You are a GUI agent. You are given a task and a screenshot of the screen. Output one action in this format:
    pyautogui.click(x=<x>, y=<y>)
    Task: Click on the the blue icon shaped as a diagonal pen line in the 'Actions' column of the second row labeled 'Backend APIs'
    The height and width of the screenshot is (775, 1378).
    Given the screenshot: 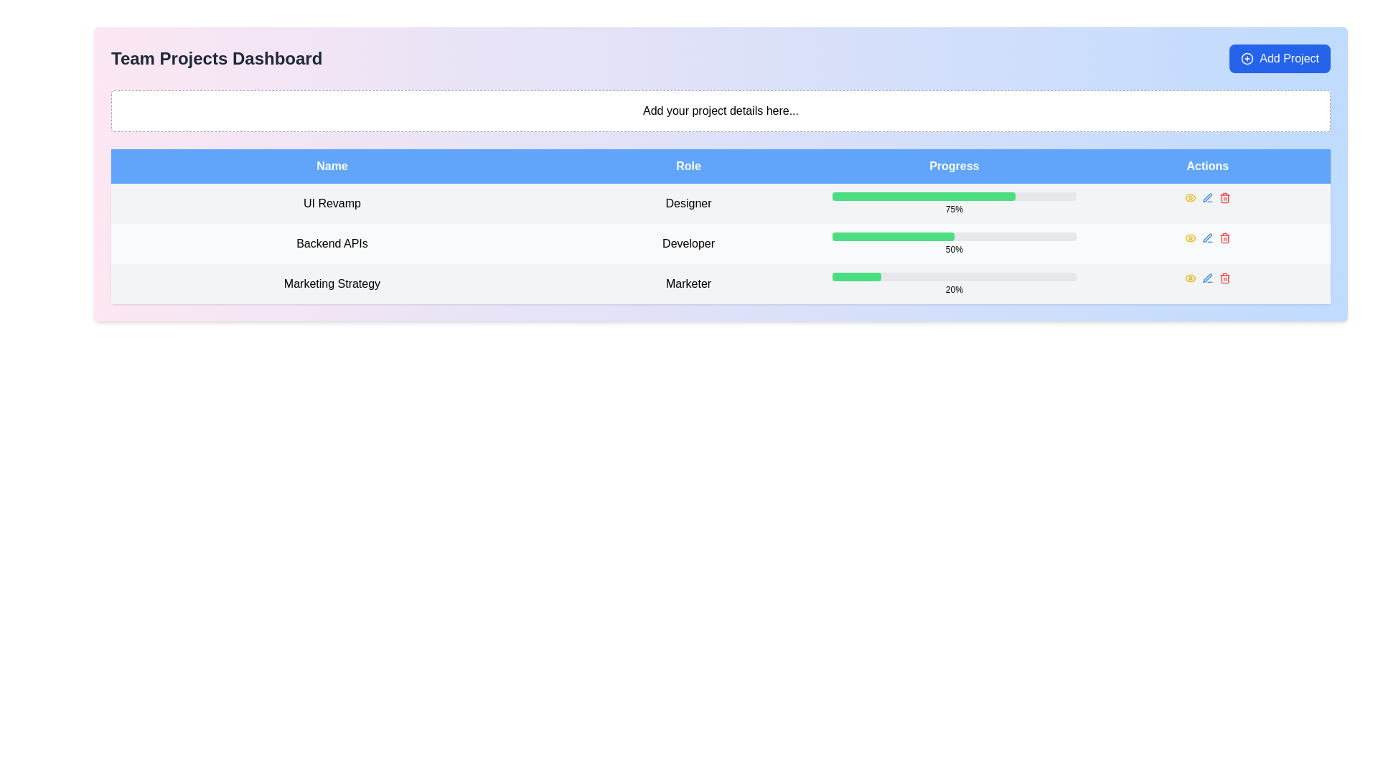 What is the action you would take?
    pyautogui.click(x=1206, y=197)
    